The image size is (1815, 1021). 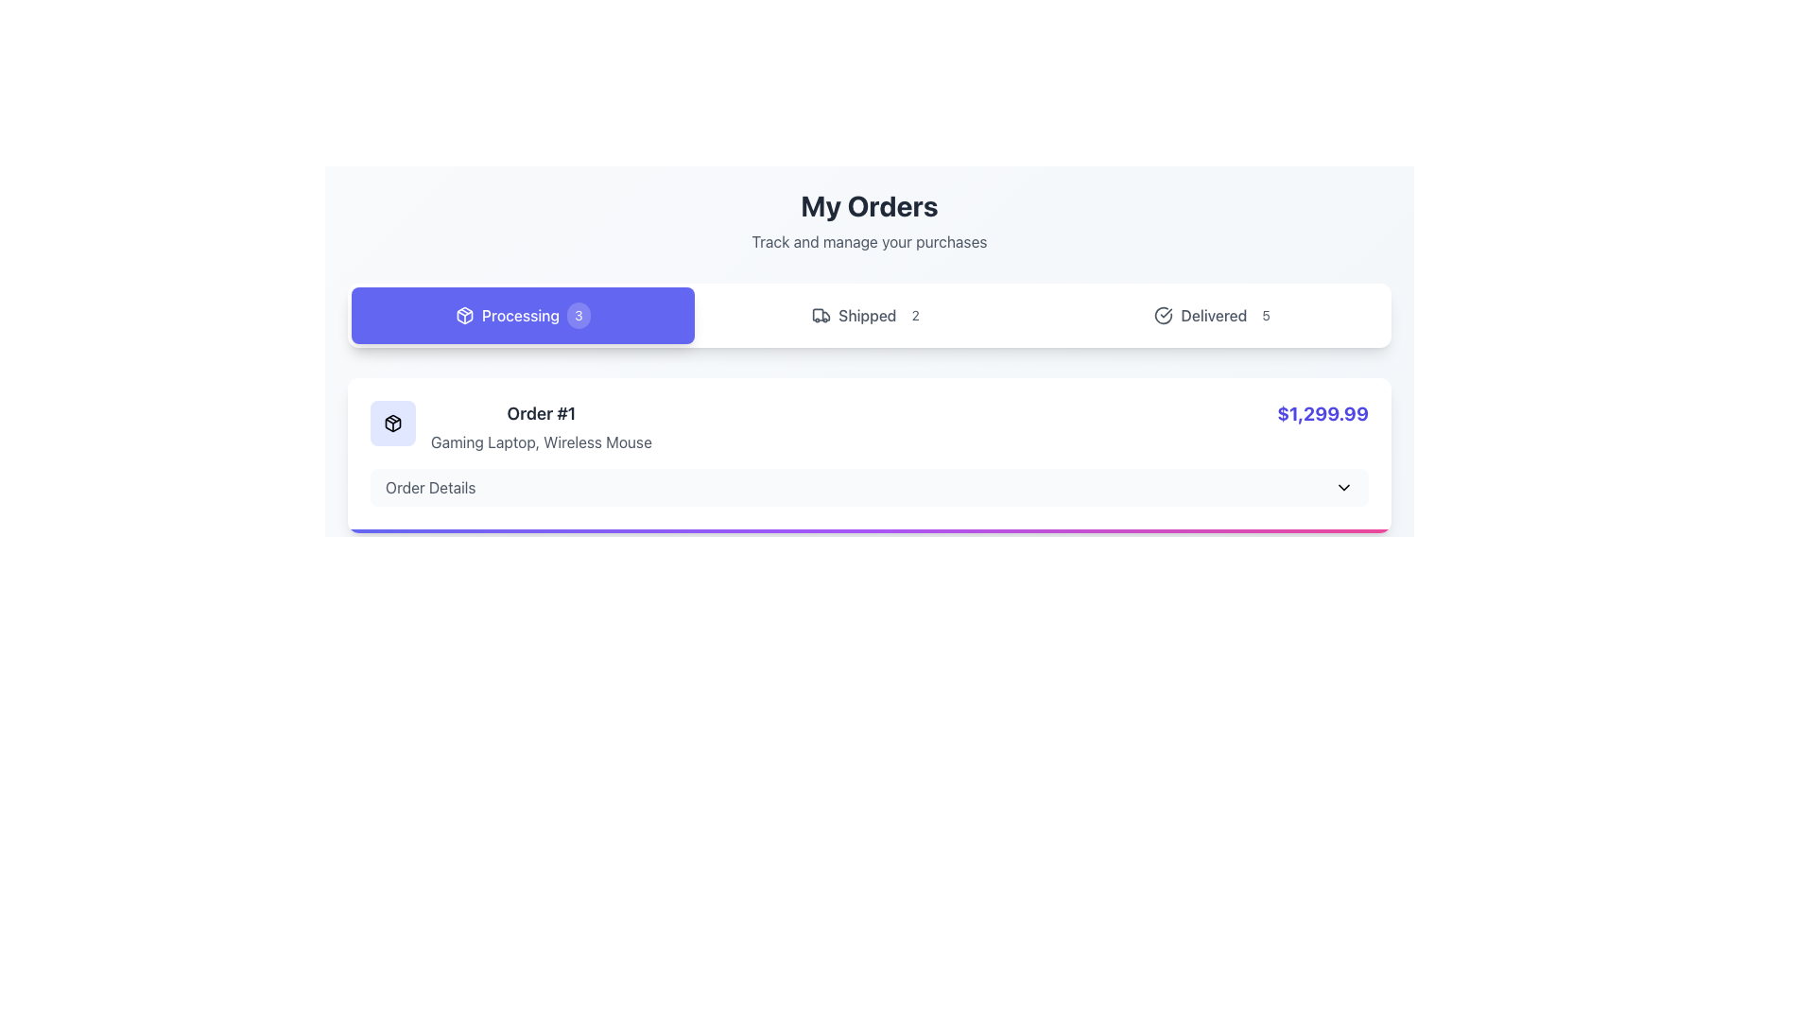 What do you see at coordinates (869, 240) in the screenshot?
I see `the static text that provides a brief description or context for the 'My Orders' section, located directly beneath the title and horizontally centered on the page` at bounding box center [869, 240].